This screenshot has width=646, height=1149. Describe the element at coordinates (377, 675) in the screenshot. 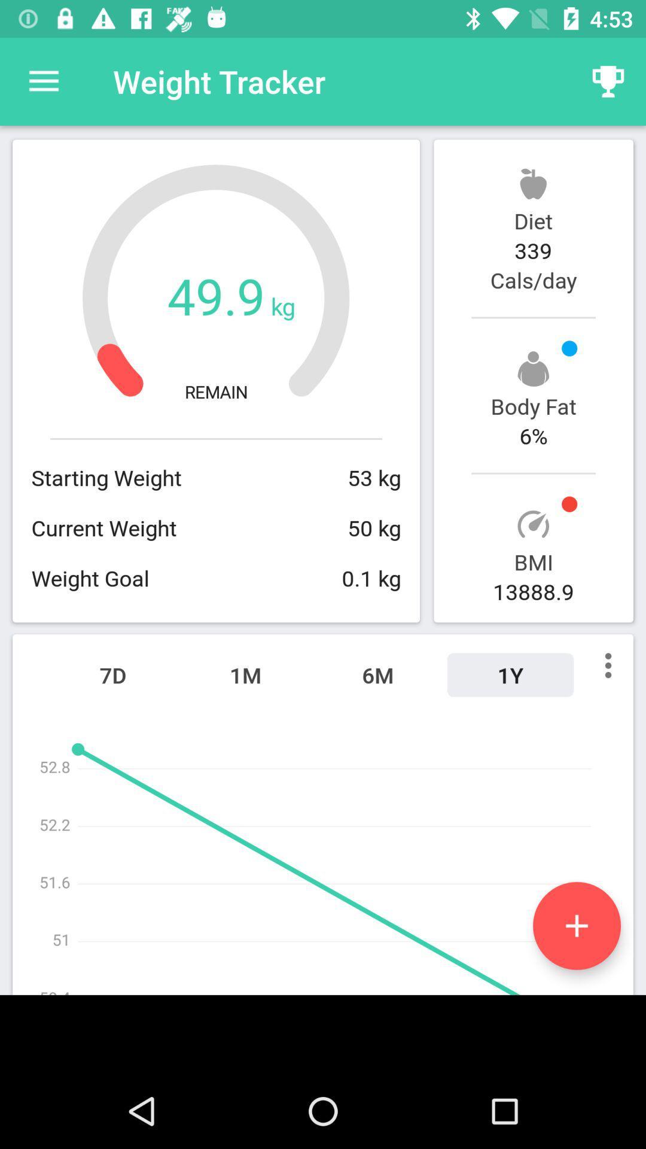

I see `the 6m item` at that location.